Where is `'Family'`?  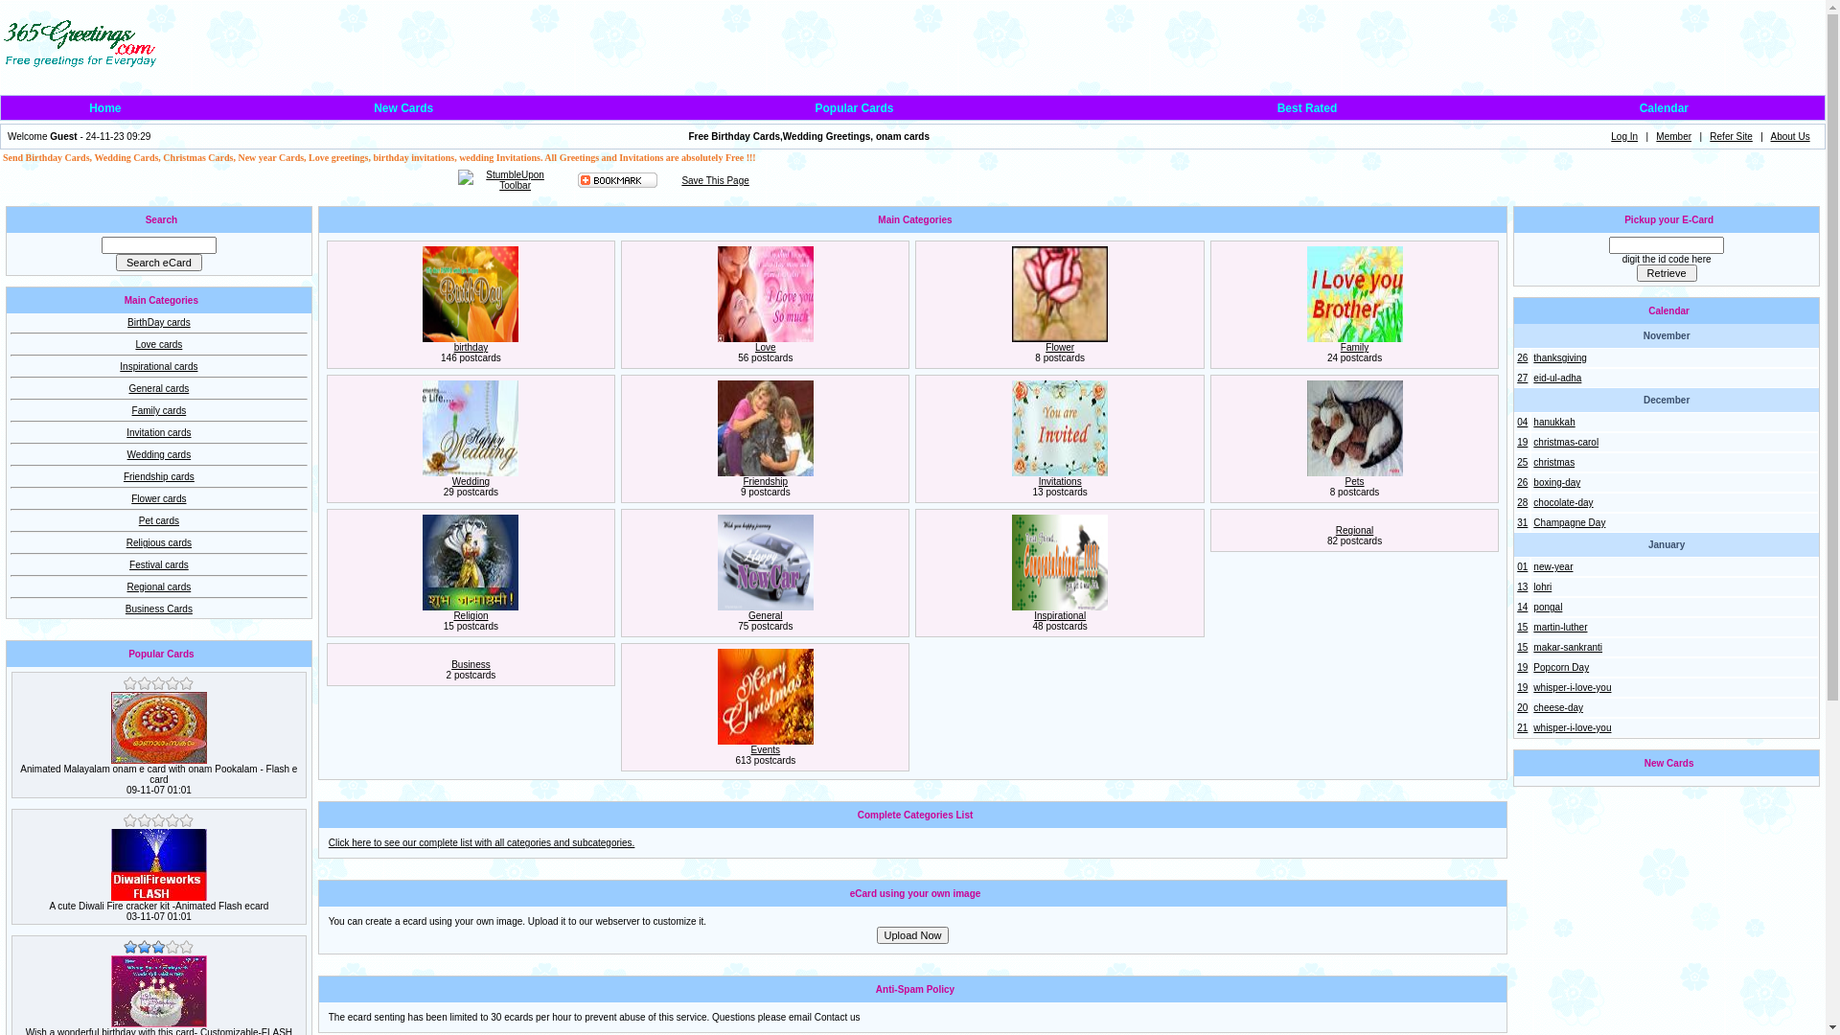 'Family' is located at coordinates (1353, 347).